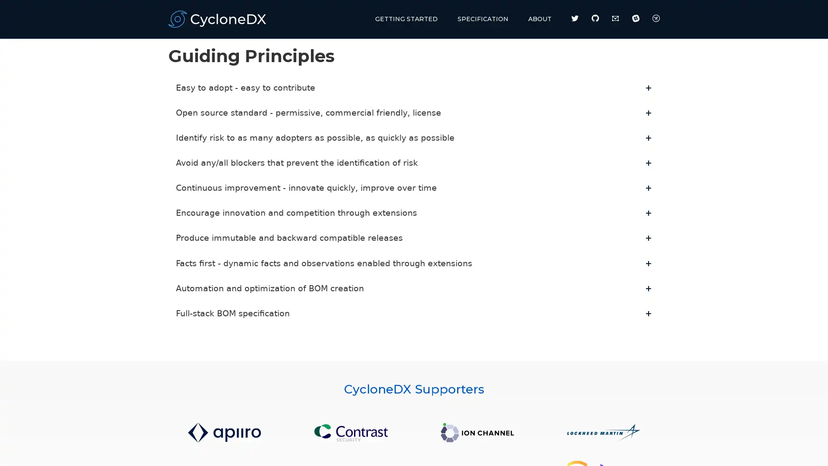 The width and height of the screenshot is (828, 466). Describe the element at coordinates (414, 213) in the screenshot. I see `Encourage innovation and competition through extensions +` at that location.